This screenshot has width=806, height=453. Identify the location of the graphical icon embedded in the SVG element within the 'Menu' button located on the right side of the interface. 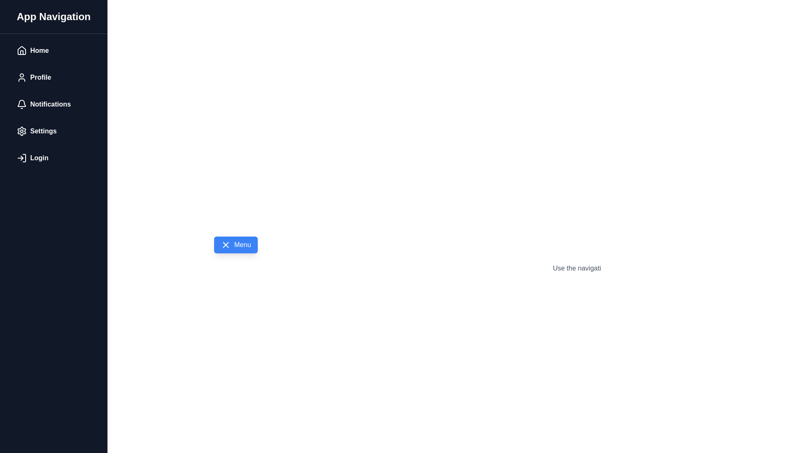
(225, 245).